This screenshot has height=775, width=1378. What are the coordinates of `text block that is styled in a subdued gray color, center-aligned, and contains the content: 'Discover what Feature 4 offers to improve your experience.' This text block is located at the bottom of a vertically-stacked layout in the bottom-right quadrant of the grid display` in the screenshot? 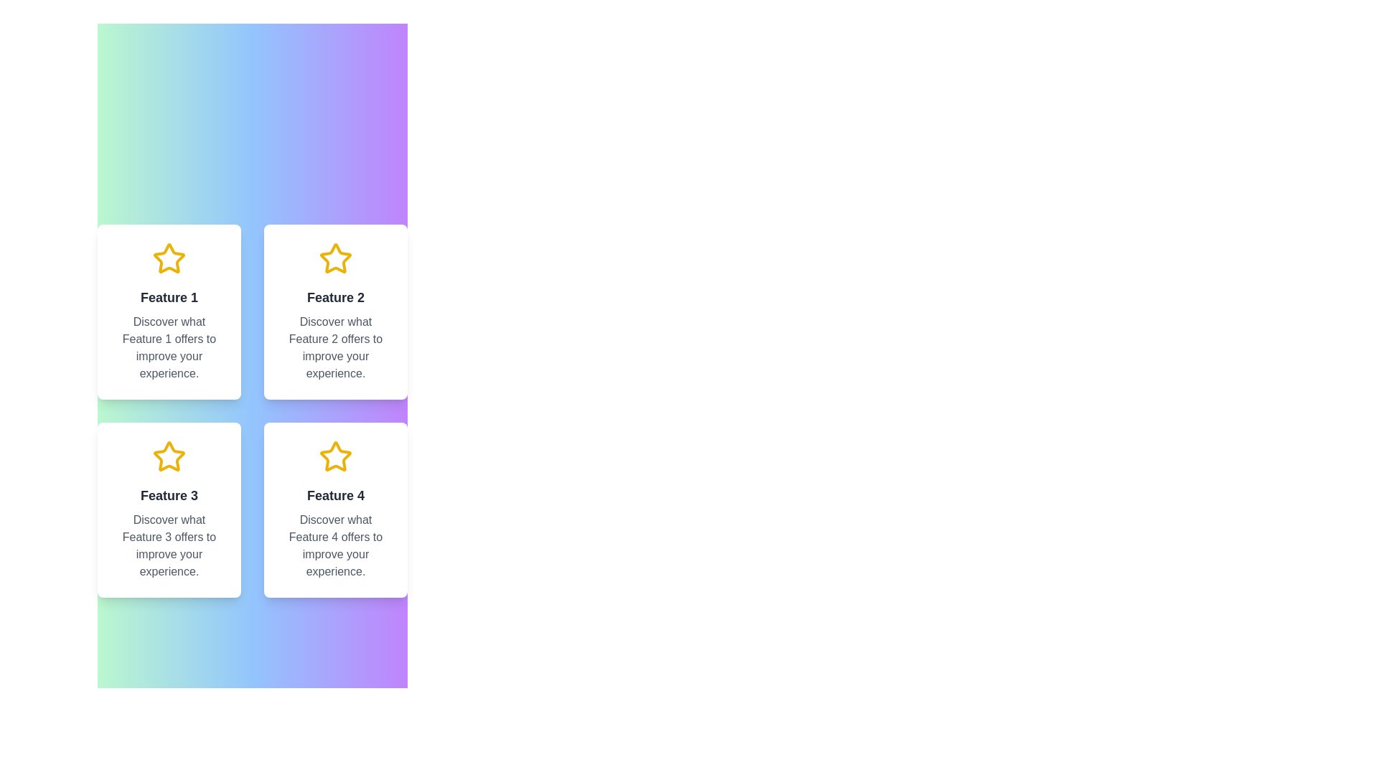 It's located at (334, 545).